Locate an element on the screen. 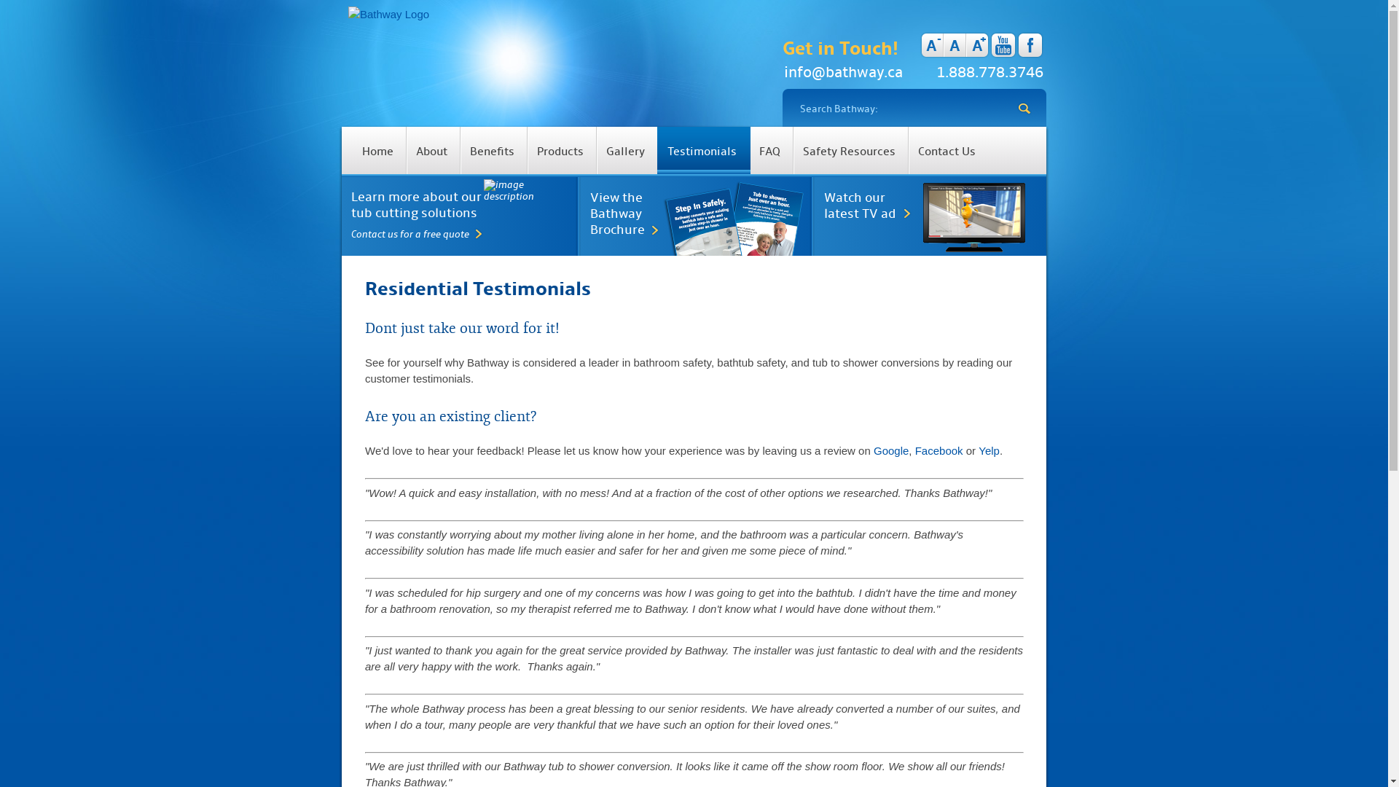 The image size is (1399, 787). 'facebook' is located at coordinates (1030, 44).